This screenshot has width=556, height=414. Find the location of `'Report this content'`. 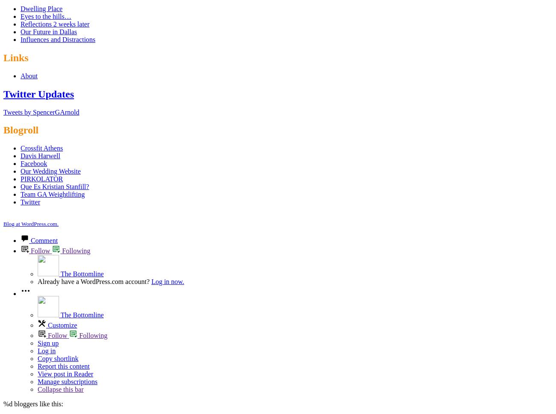

'Report this content' is located at coordinates (63, 366).